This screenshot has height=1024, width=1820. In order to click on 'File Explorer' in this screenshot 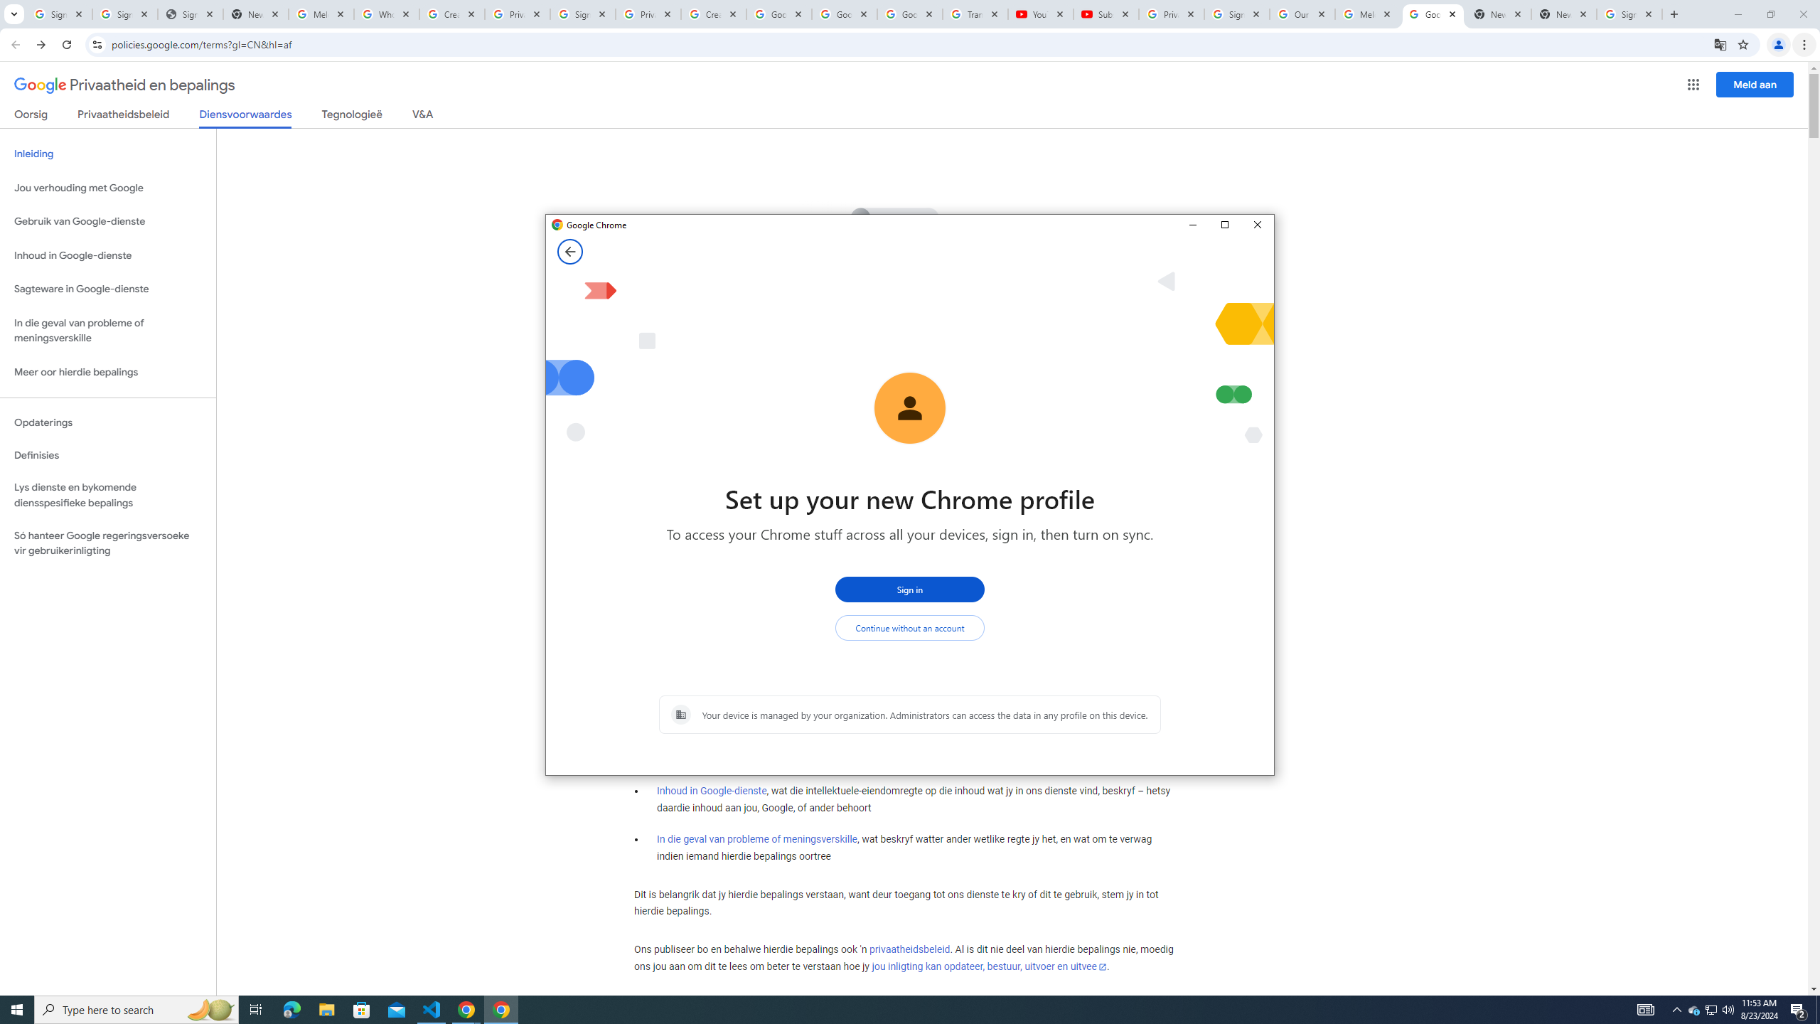, I will do `click(326, 1008)`.